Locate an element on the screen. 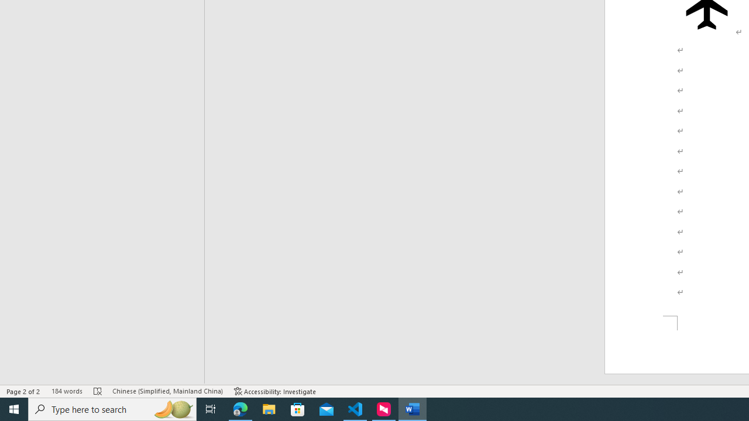 The image size is (749, 421). 'Language Chinese (Simplified, Mainland China)' is located at coordinates (167, 391).